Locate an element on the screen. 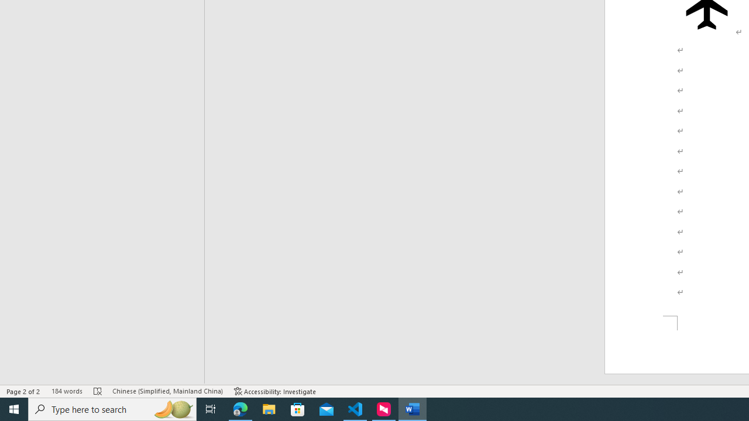 The image size is (749, 421). 'Language Chinese (Simplified, Mainland China)' is located at coordinates (167, 391).